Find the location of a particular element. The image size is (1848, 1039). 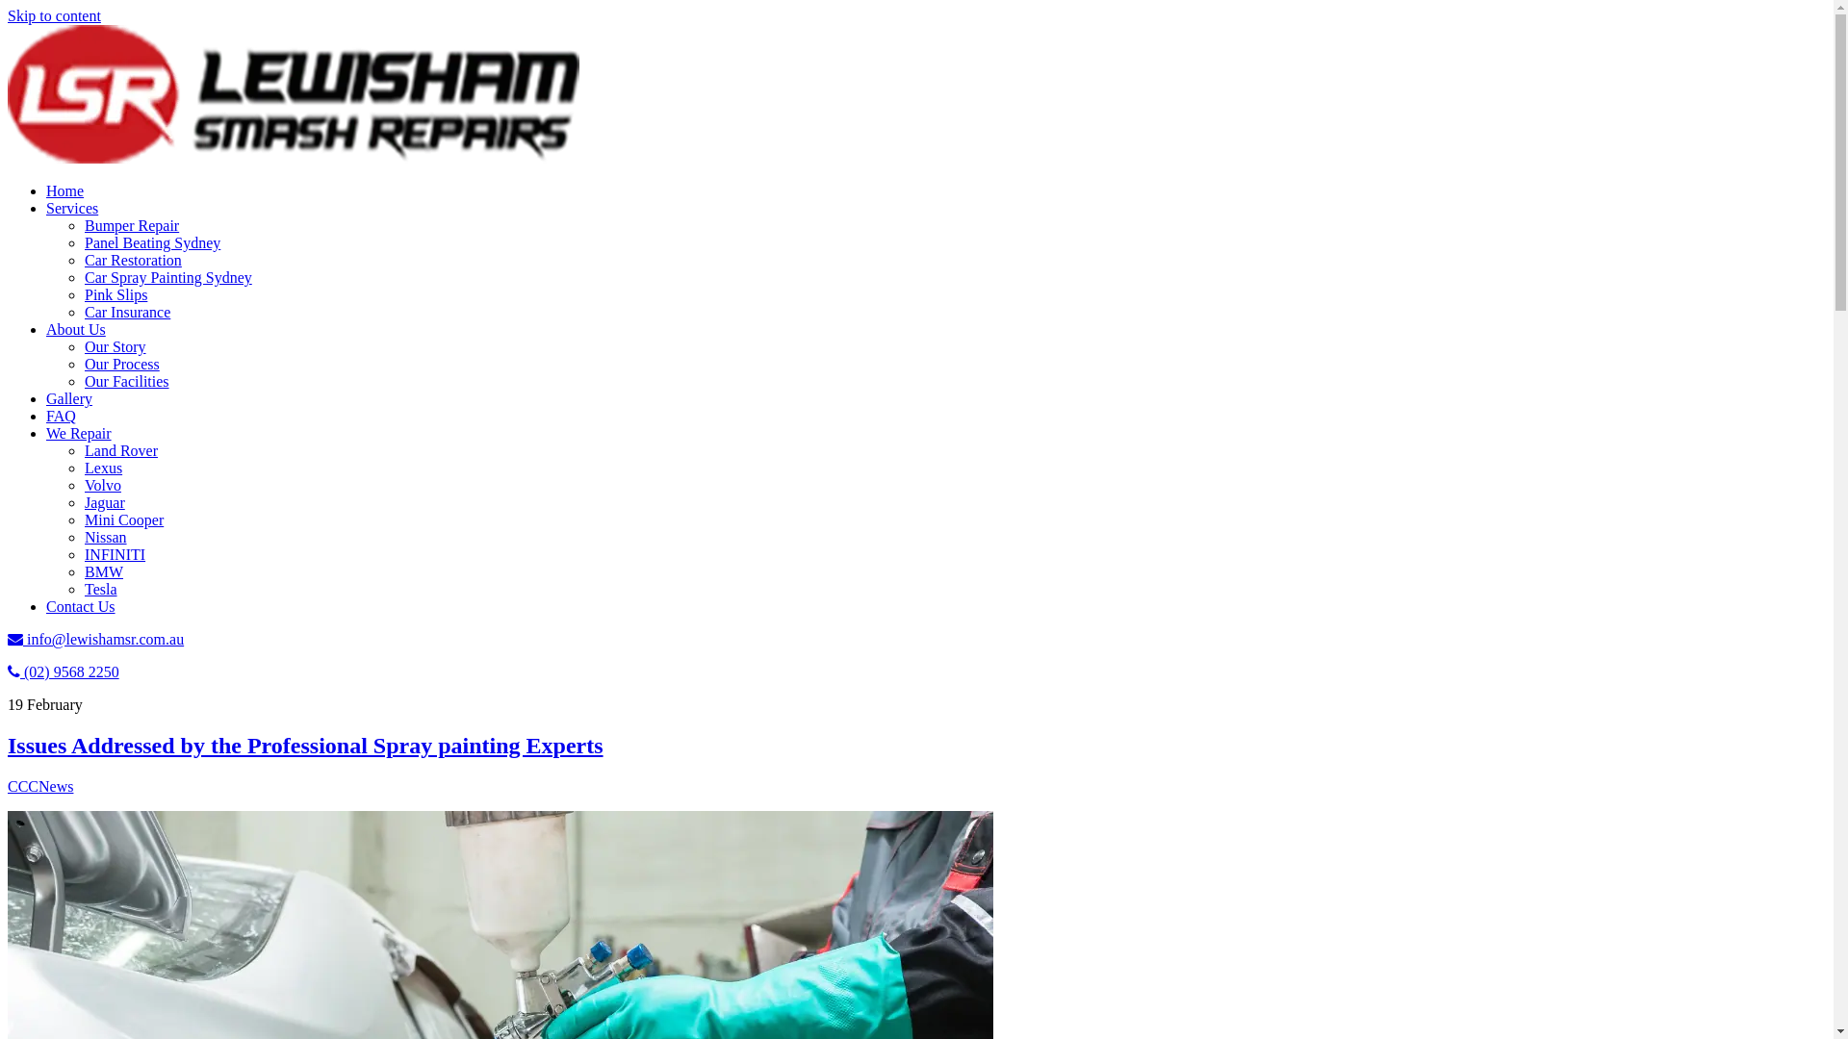

'Gallery' is located at coordinates (69, 397).